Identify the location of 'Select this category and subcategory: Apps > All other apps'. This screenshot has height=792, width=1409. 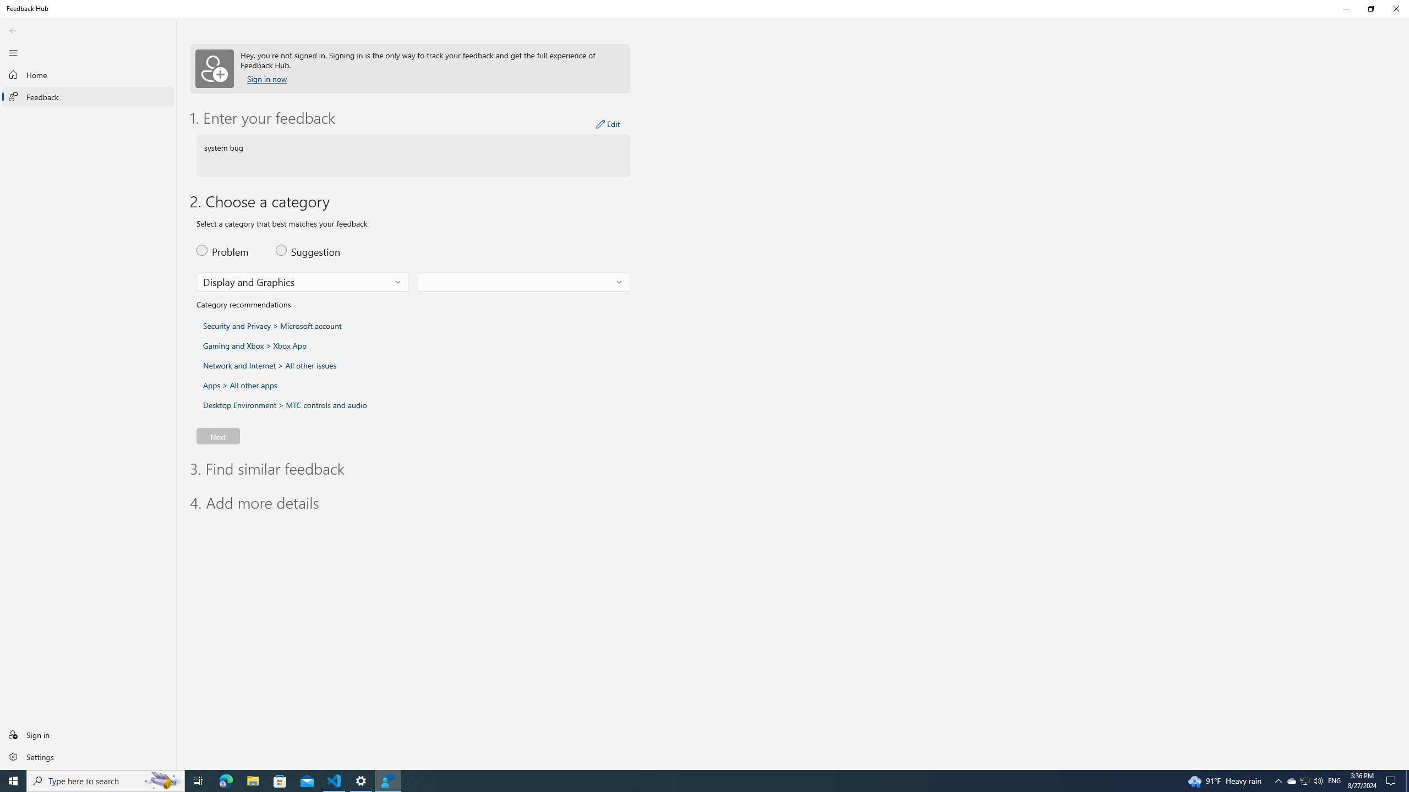
(240, 384).